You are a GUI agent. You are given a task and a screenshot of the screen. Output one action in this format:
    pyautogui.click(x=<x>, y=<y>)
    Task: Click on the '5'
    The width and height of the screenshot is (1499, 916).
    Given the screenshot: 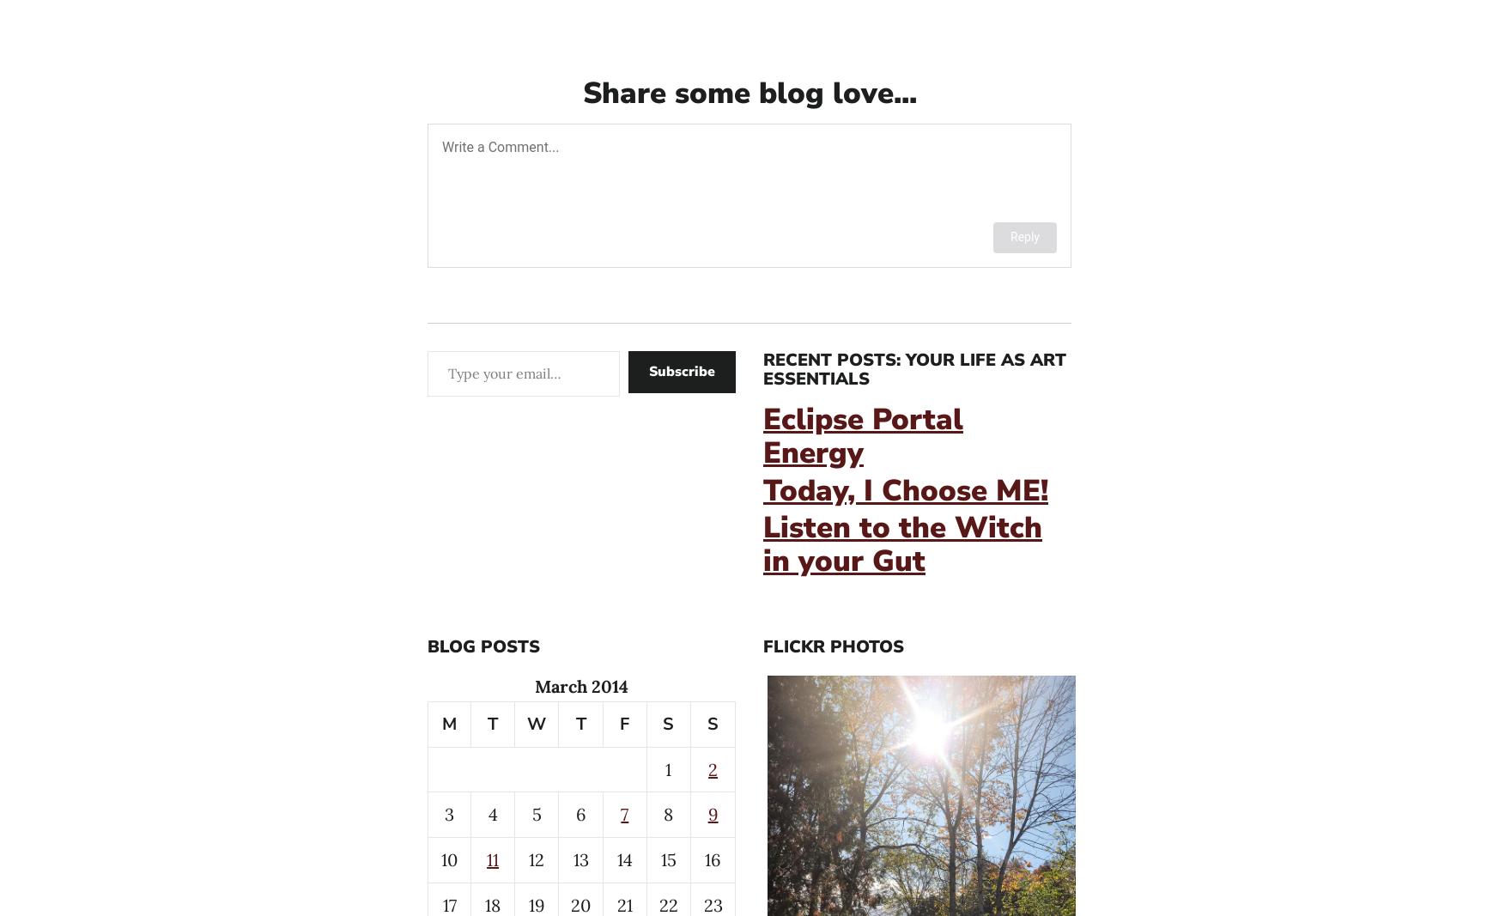 What is the action you would take?
    pyautogui.click(x=536, y=814)
    